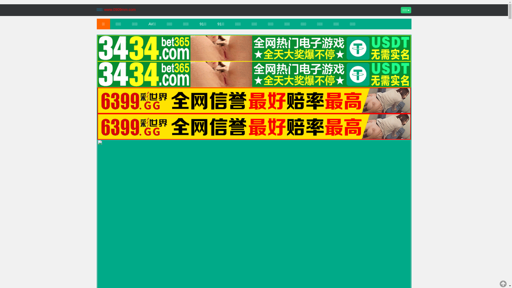 This screenshot has height=288, width=512. I want to click on 'www.0909mm.com', so click(120, 9).